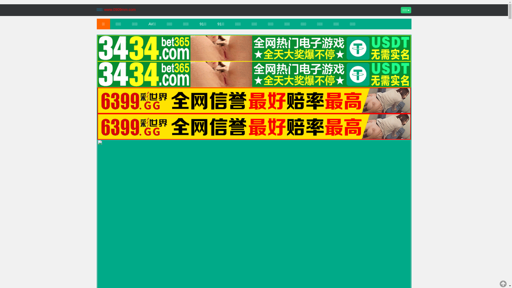 This screenshot has height=288, width=512. I want to click on 'www.0909mm.com', so click(120, 9).